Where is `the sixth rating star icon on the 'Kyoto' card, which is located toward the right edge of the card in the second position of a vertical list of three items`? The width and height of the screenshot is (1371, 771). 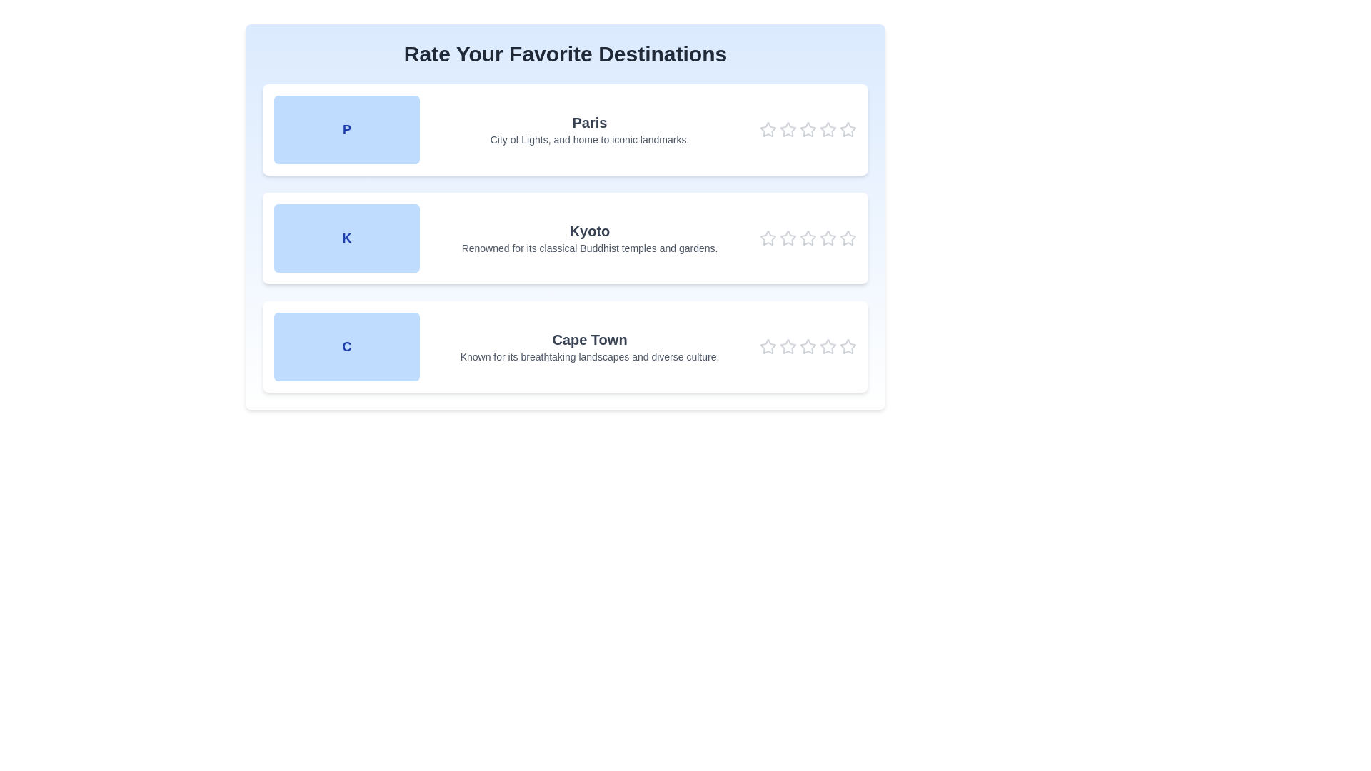 the sixth rating star icon on the 'Kyoto' card, which is located toward the right edge of the card in the second position of a vertical list of three items is located at coordinates (848, 238).